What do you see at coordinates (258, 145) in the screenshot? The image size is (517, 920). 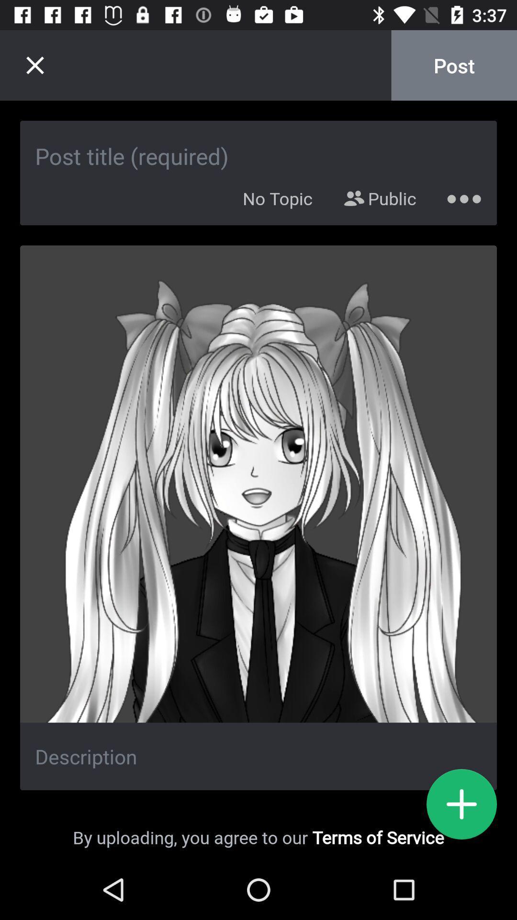 I see `image title` at bounding box center [258, 145].